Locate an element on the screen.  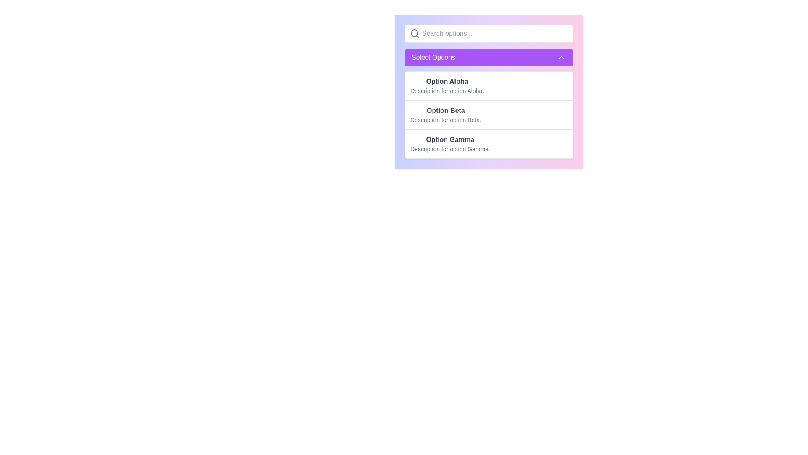
the chevron arrow icon located in the top right corner of the purple 'Select Options' button is located at coordinates (561, 57).